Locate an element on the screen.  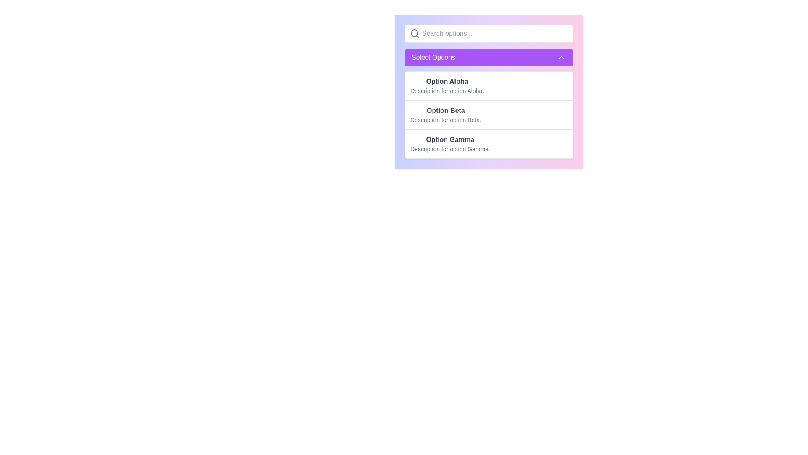
the chevron arrow icon located in the top right corner of the purple 'Select Options' button is located at coordinates (561, 57).